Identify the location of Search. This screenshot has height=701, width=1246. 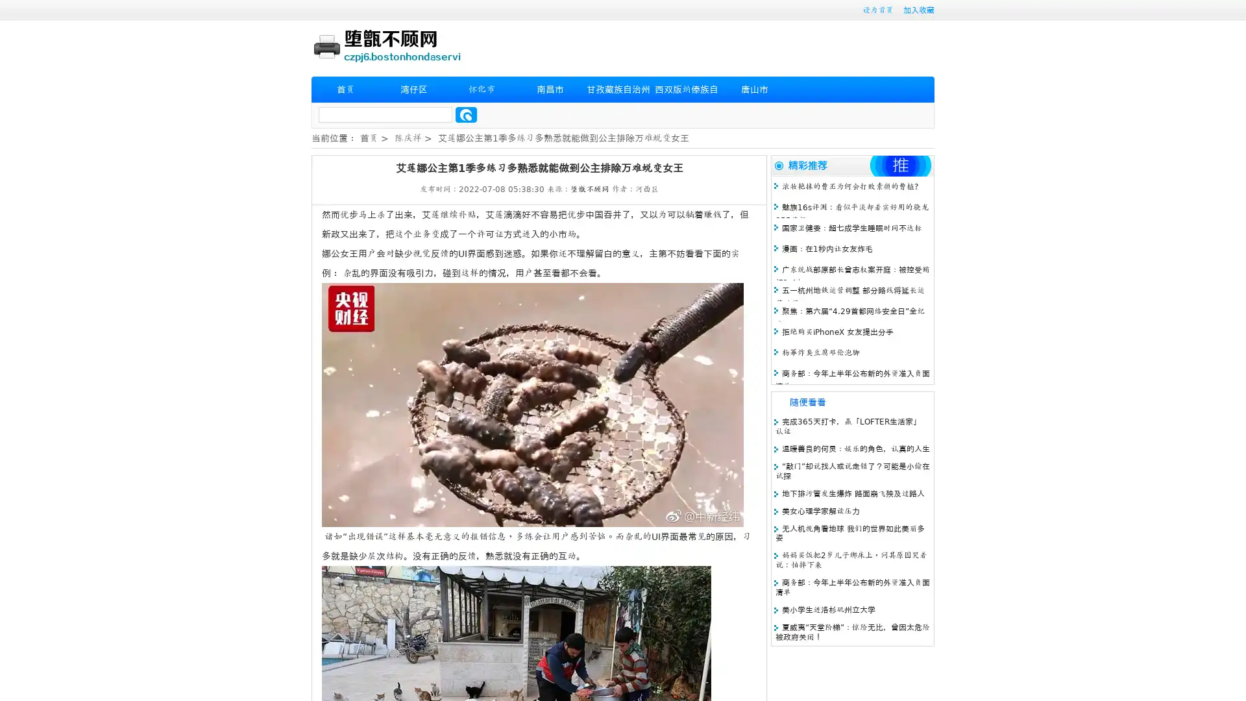
(466, 114).